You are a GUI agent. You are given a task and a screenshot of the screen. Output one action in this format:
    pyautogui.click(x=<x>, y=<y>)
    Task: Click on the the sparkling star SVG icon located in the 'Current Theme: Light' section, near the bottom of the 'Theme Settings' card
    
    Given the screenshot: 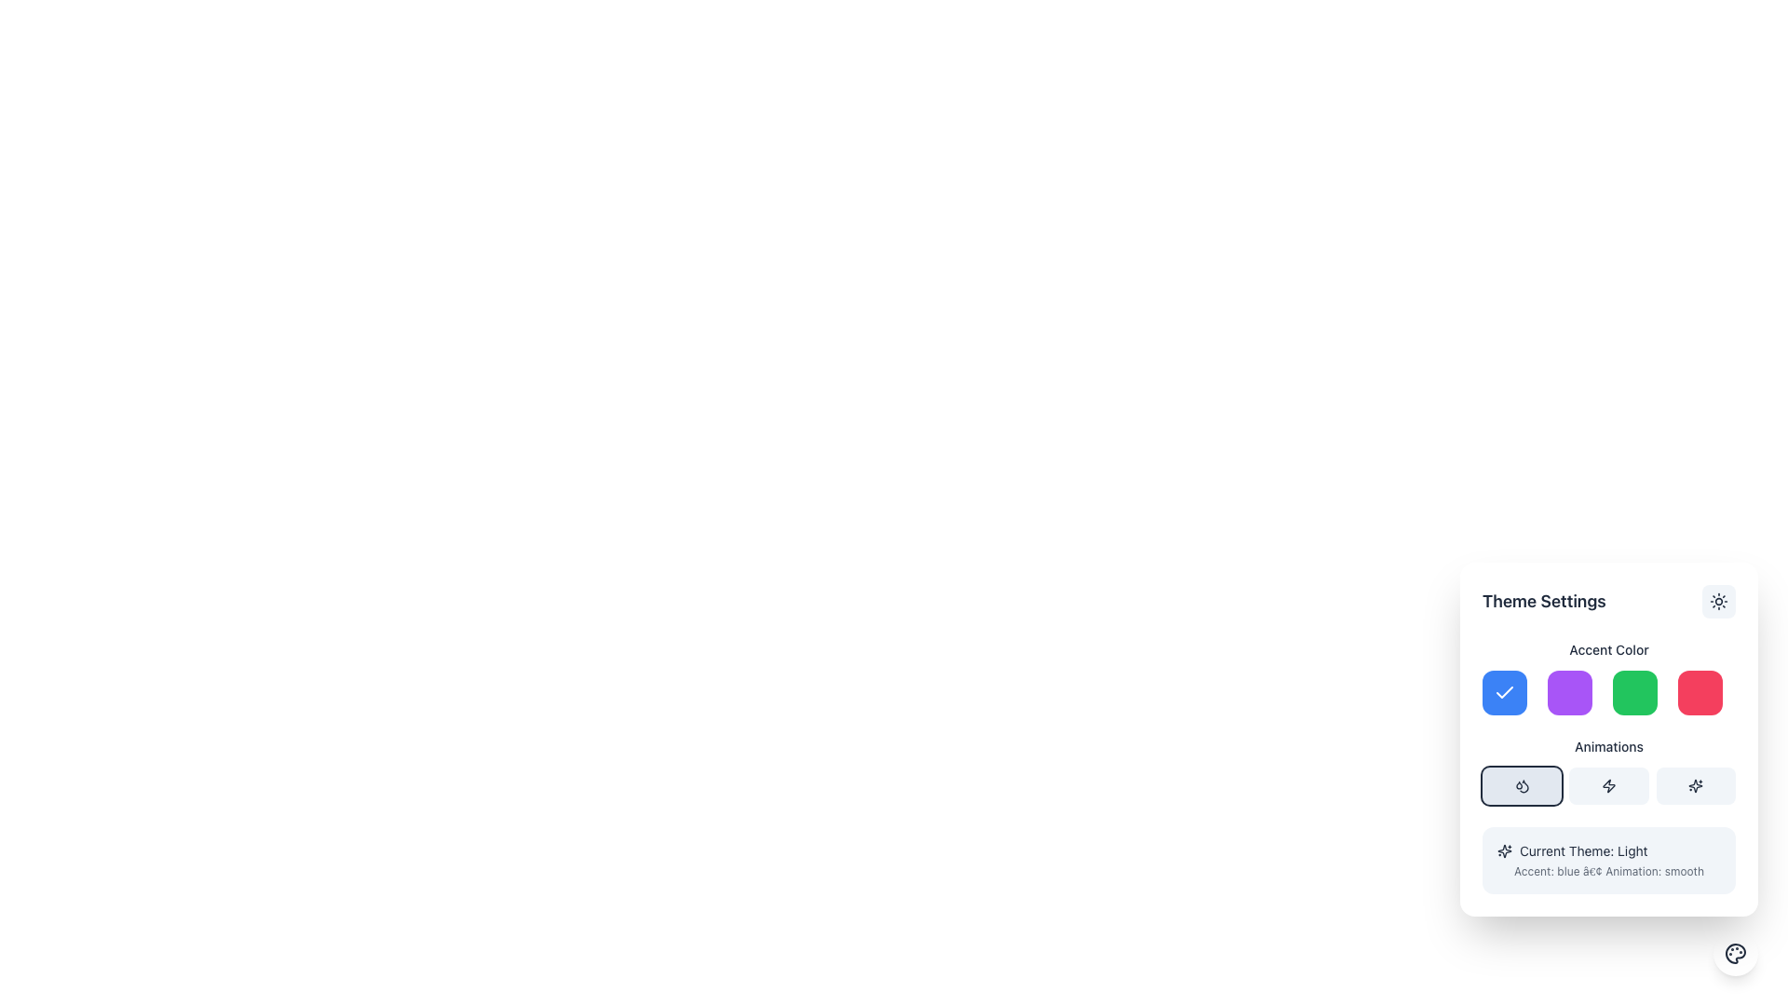 What is the action you would take?
    pyautogui.click(x=1505, y=851)
    